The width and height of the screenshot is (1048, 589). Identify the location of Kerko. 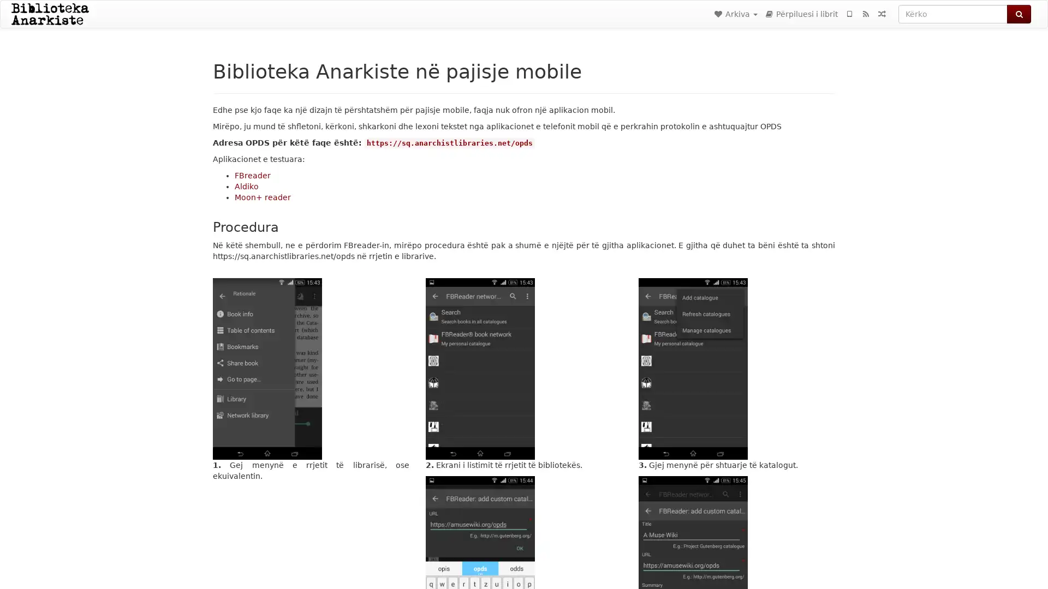
(1019, 14).